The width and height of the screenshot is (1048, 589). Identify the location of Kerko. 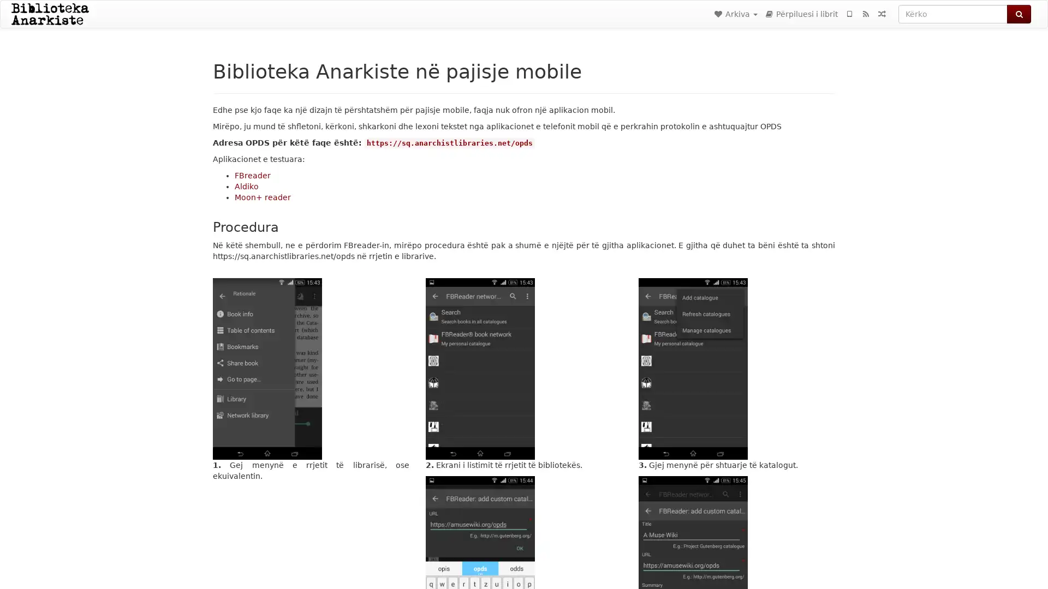
(1019, 14).